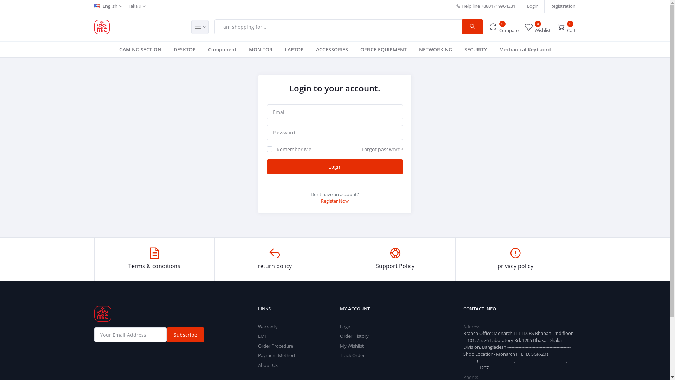 The width and height of the screenshot is (675, 380). What do you see at coordinates (515, 259) in the screenshot?
I see `'privacy policy'` at bounding box center [515, 259].